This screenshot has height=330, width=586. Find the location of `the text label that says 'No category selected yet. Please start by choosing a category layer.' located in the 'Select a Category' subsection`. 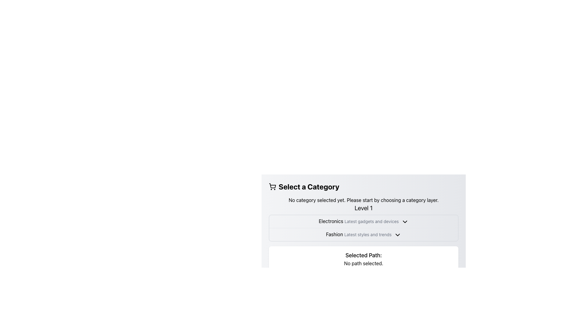

the text label that says 'No category selected yet. Please start by choosing a category layer.' located in the 'Select a Category' subsection is located at coordinates (364, 200).